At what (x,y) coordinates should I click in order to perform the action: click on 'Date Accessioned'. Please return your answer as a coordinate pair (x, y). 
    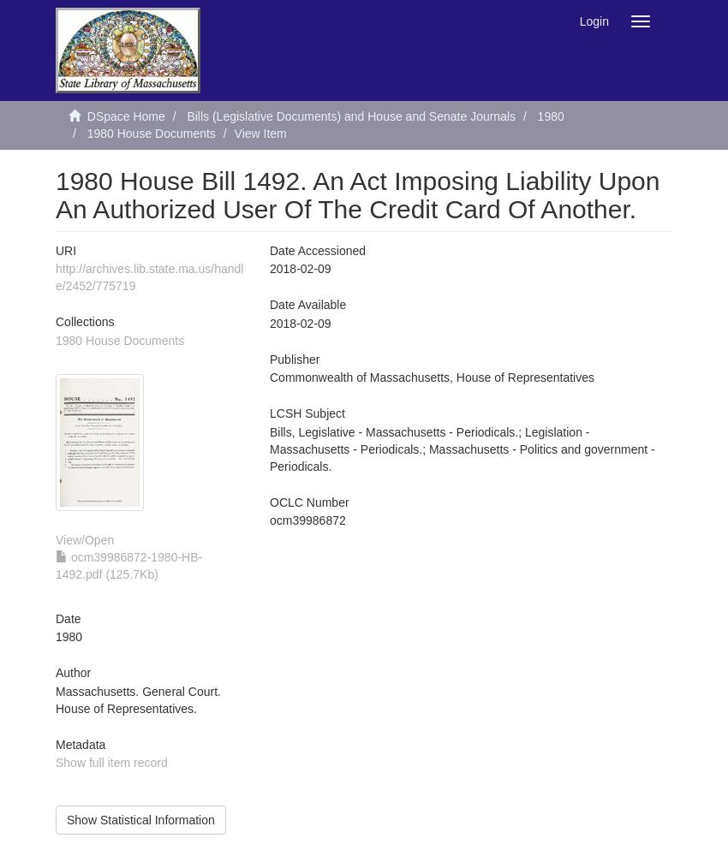
    Looking at the image, I should click on (317, 251).